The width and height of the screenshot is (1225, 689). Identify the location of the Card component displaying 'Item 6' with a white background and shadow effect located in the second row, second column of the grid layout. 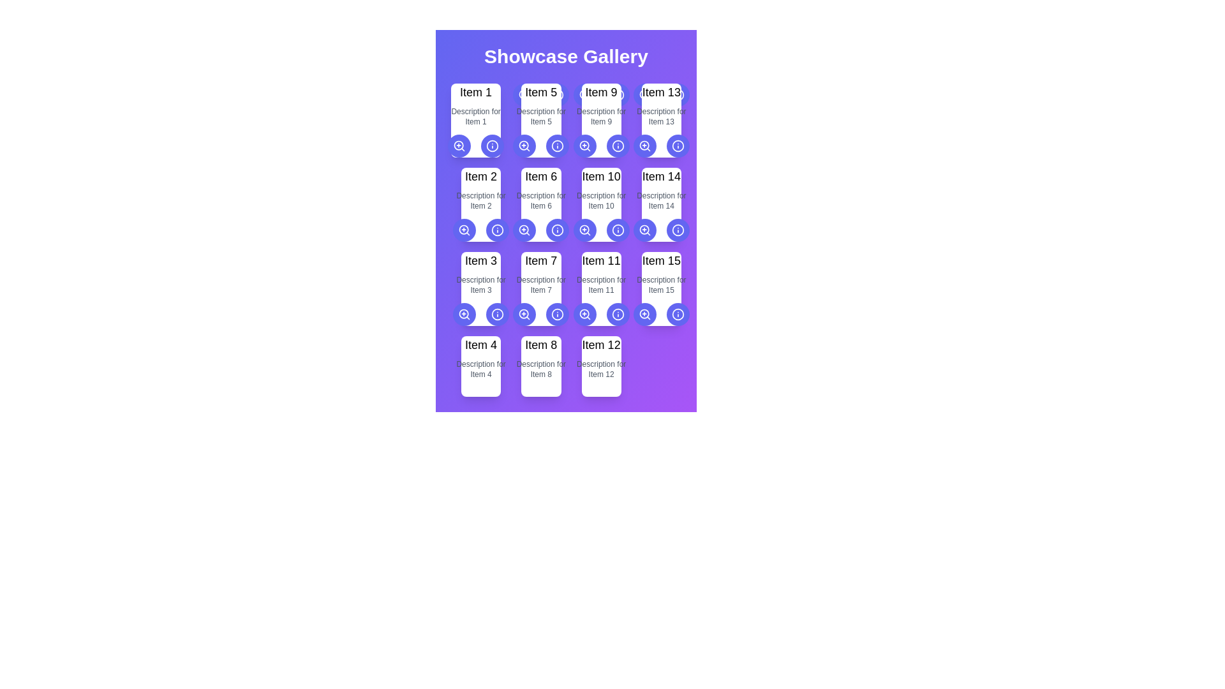
(541, 204).